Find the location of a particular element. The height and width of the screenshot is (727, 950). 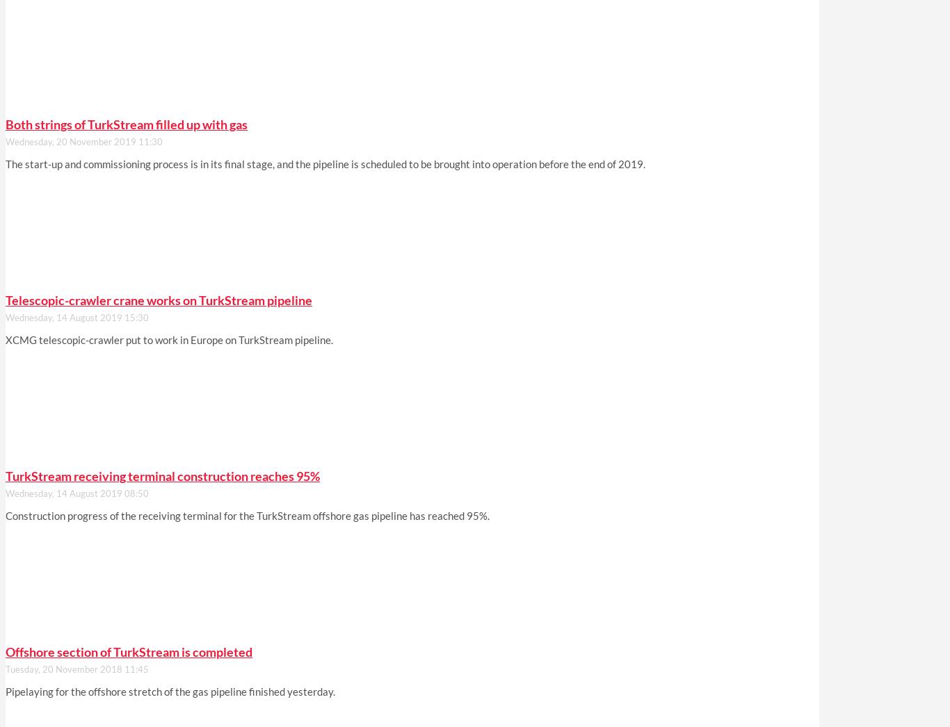

'Wednesday, 20 November 2019 11:30' is located at coordinates (6, 142).